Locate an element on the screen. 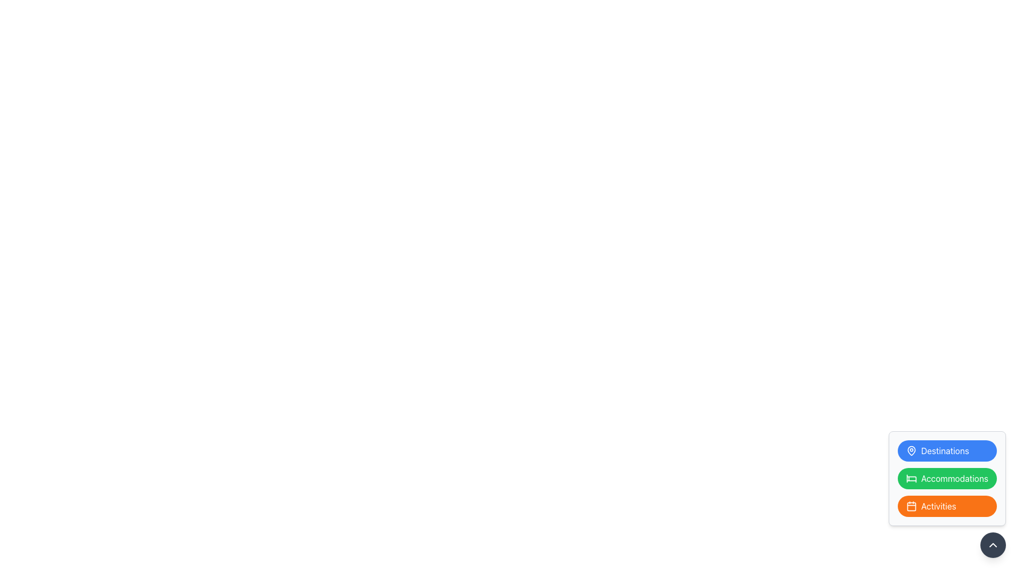 This screenshot has height=575, width=1023. the second button in the vertical arrangement at the bottom right corner of the interface is located at coordinates (947, 478).